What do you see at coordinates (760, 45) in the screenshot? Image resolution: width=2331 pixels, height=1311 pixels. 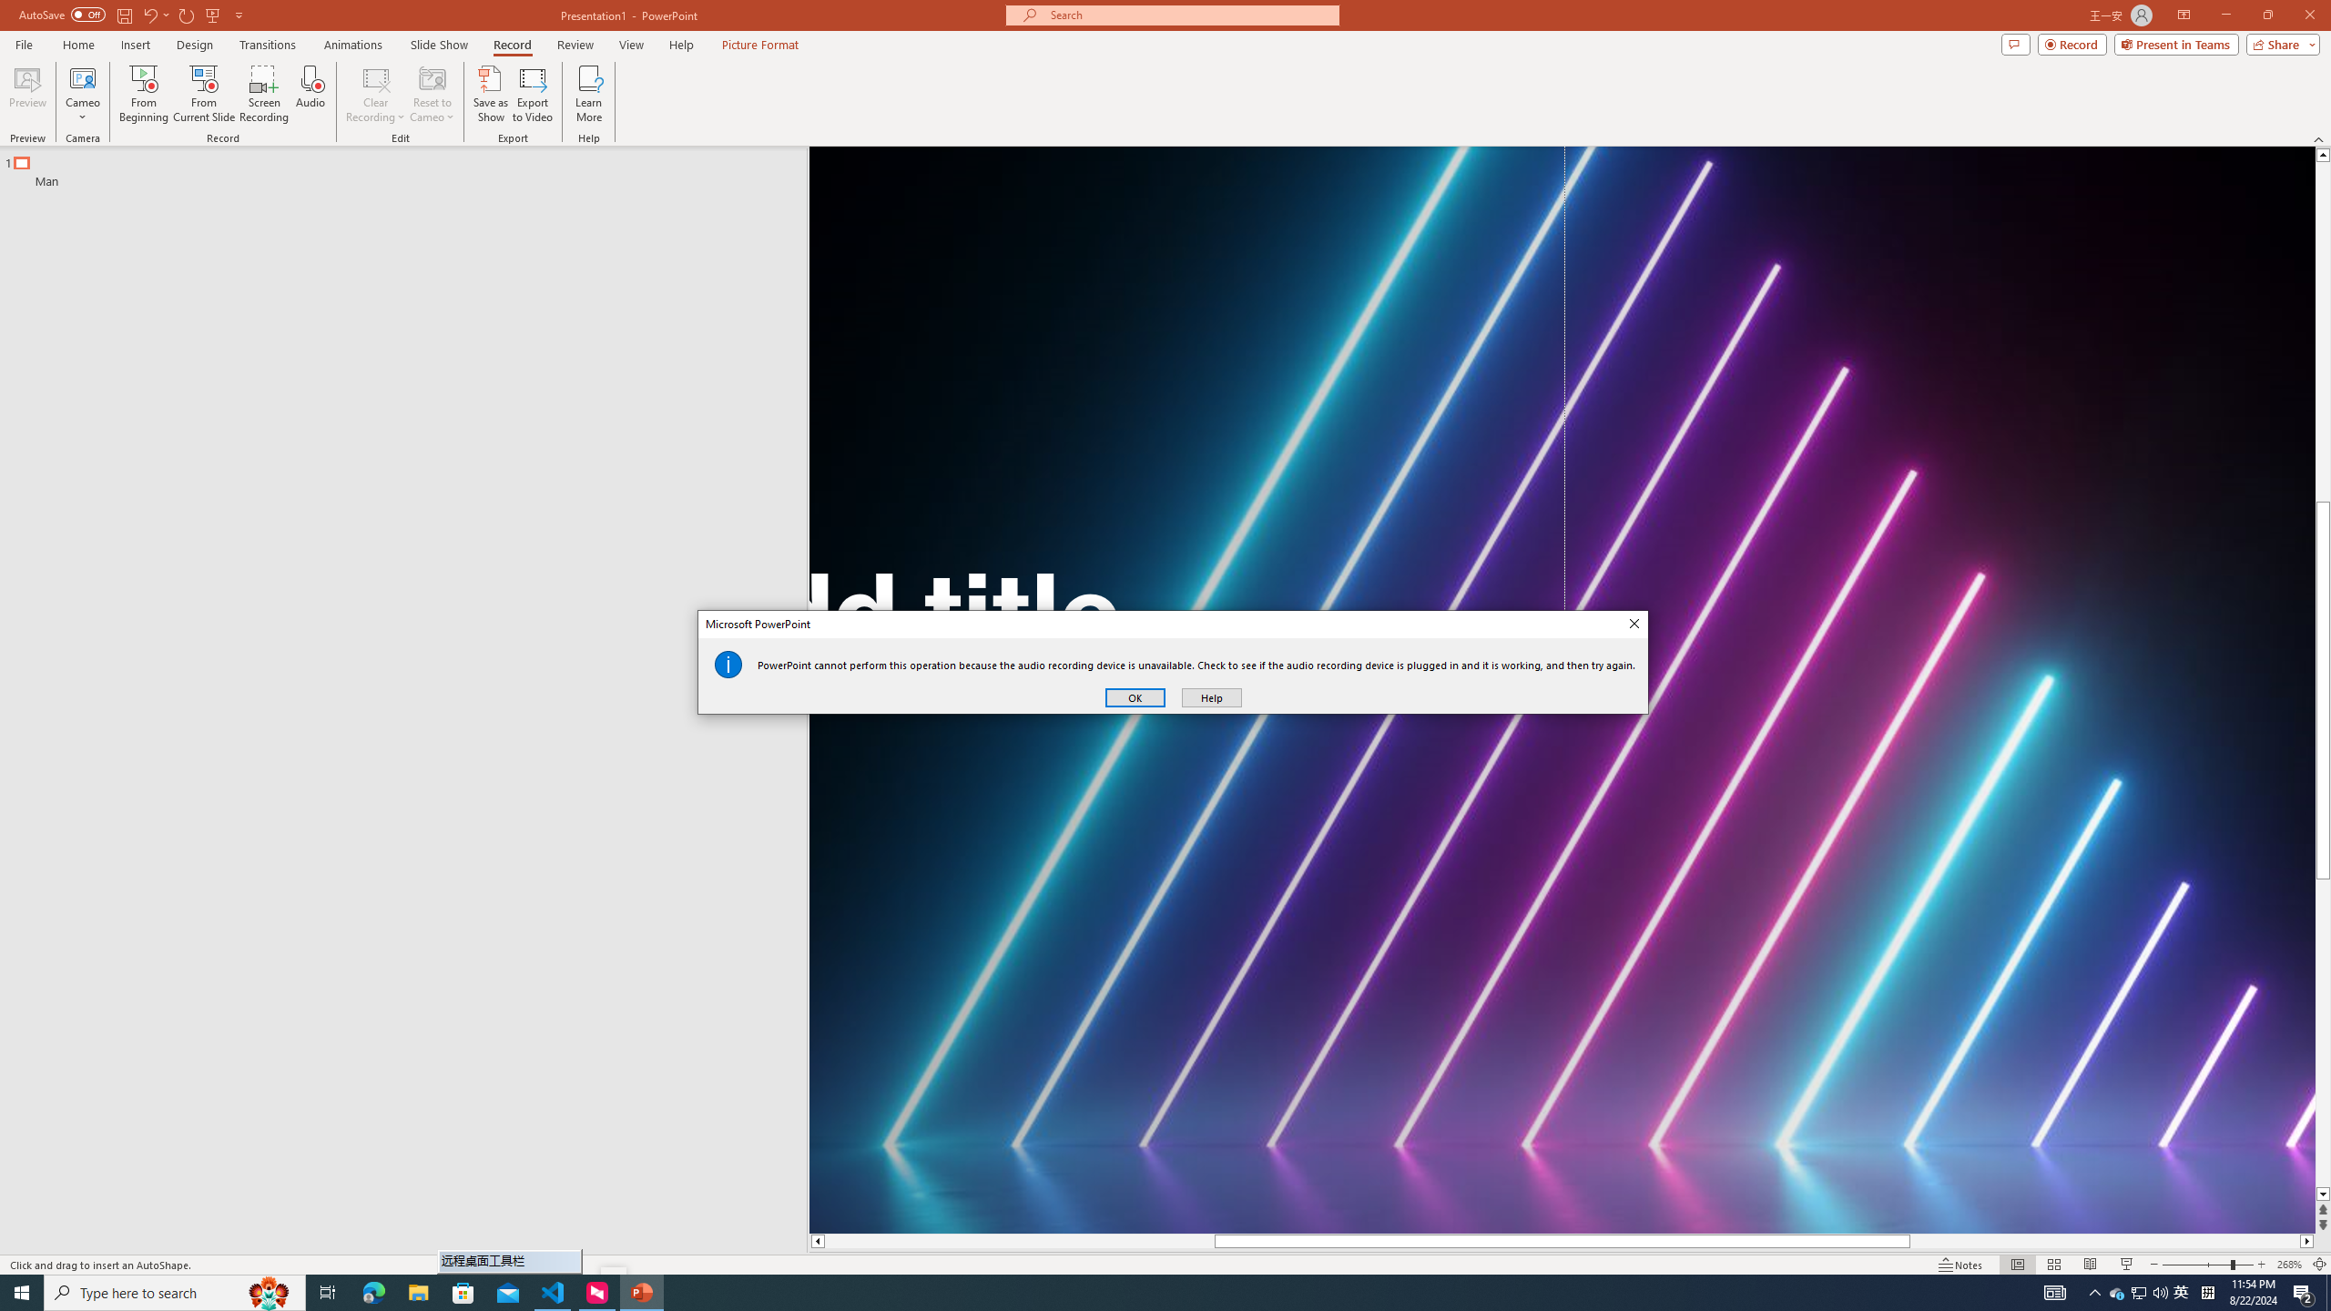 I see `'Picture Format'` at bounding box center [760, 45].